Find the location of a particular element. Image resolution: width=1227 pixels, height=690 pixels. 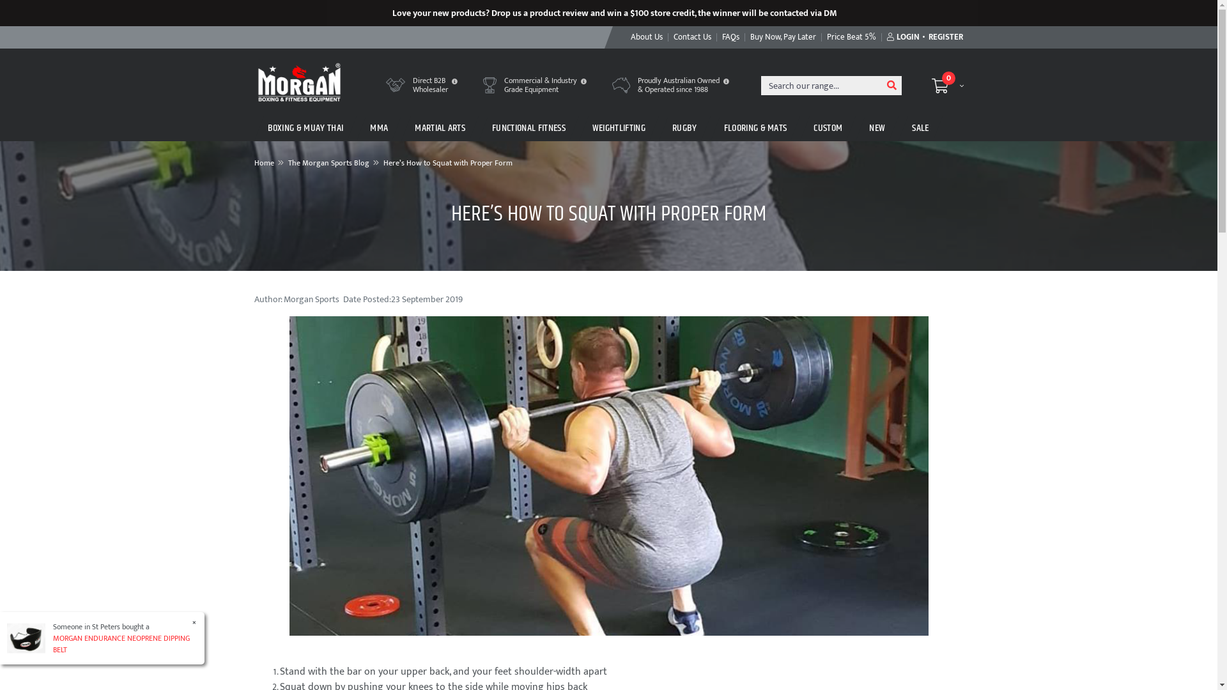

'REGISTER' is located at coordinates (943, 36).